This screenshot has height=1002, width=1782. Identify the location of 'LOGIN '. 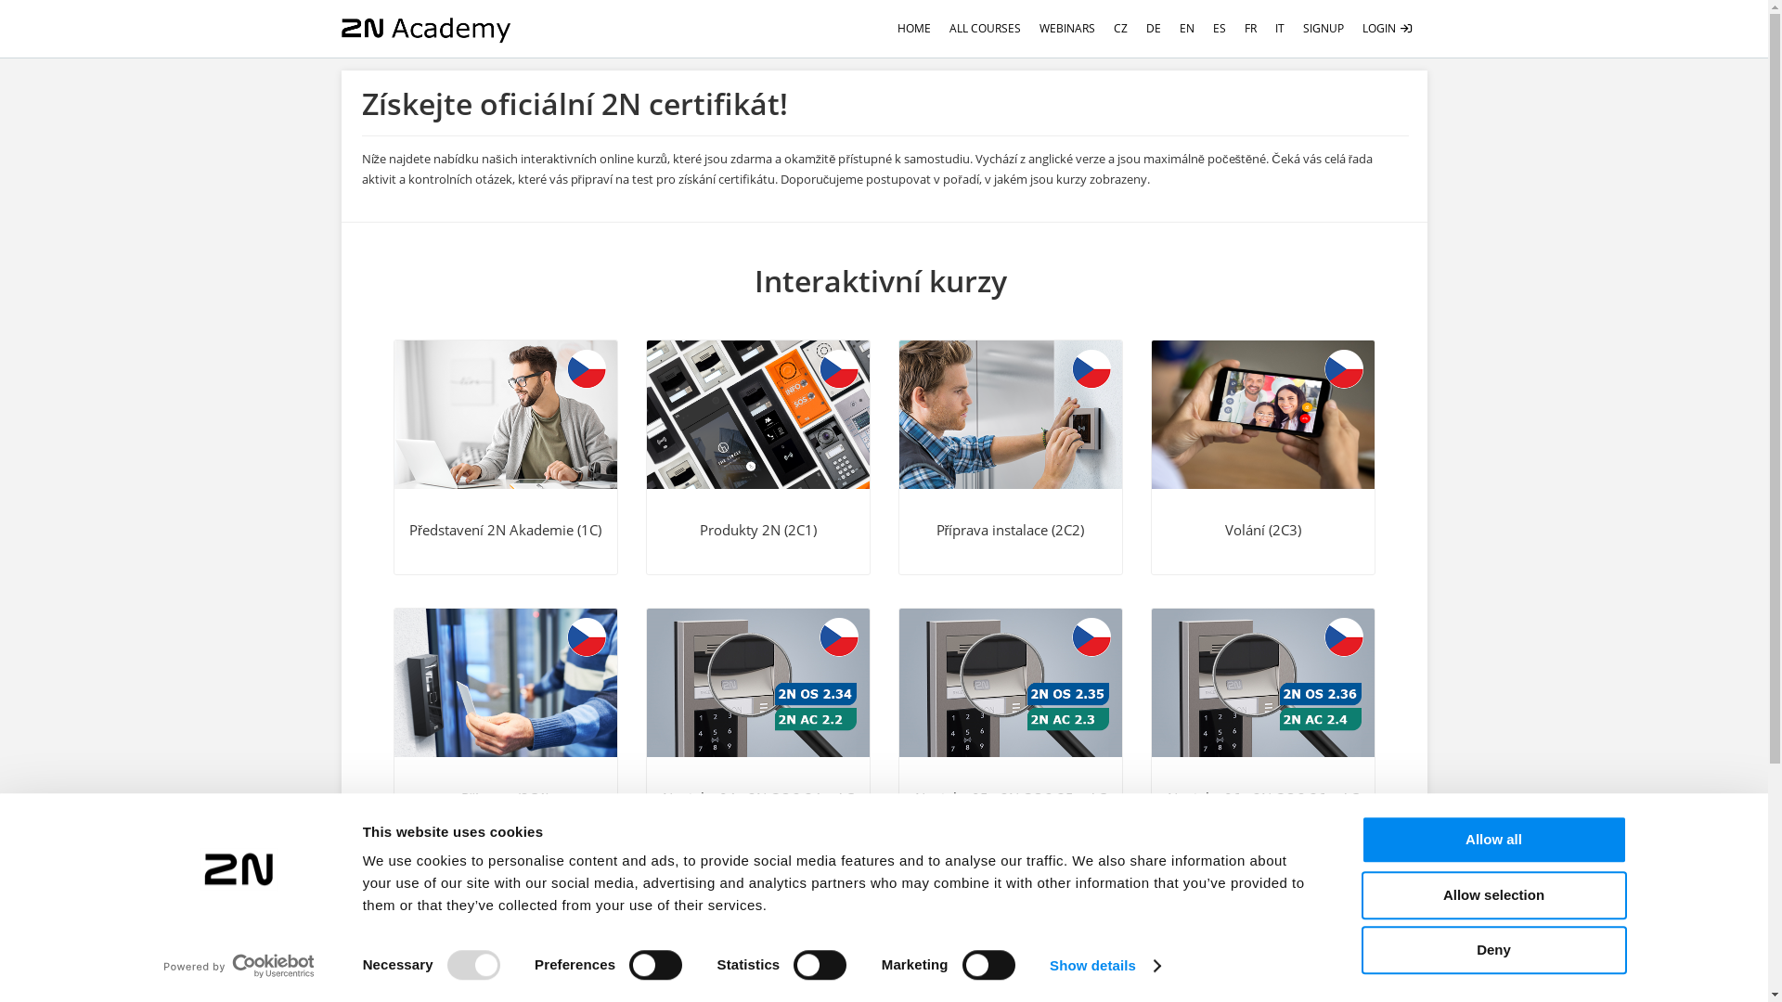
(1387, 28).